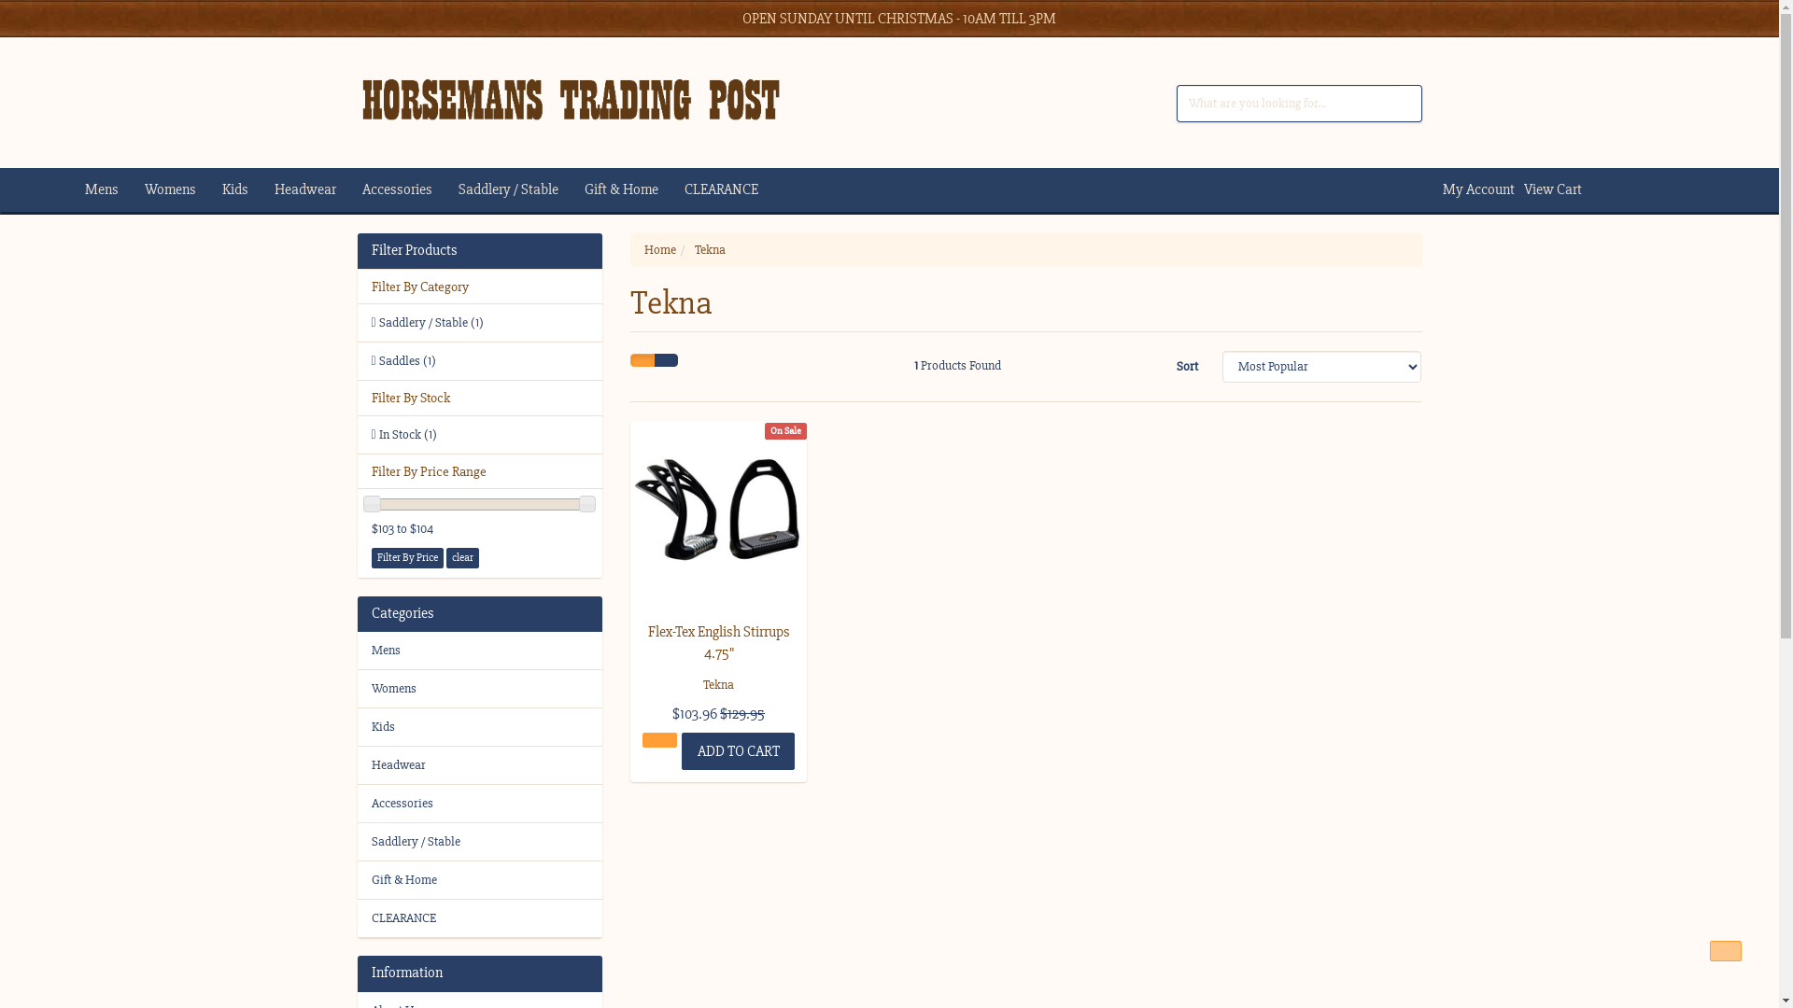  What do you see at coordinates (1410, 104) in the screenshot?
I see `'Search'` at bounding box center [1410, 104].